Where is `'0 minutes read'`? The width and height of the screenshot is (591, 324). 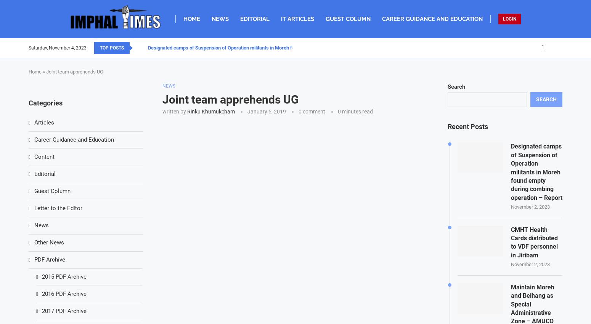
'0 minutes read' is located at coordinates (355, 111).